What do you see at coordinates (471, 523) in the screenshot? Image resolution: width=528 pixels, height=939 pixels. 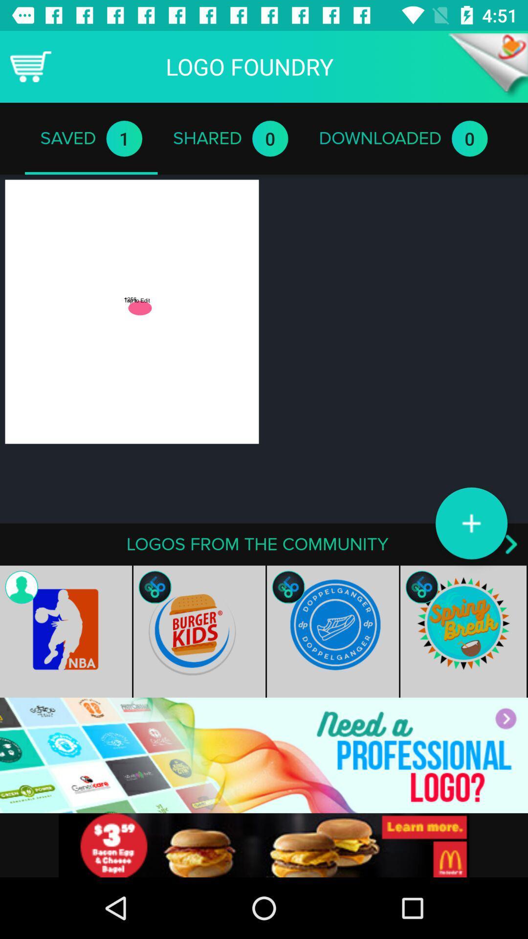 I see `logo` at bounding box center [471, 523].